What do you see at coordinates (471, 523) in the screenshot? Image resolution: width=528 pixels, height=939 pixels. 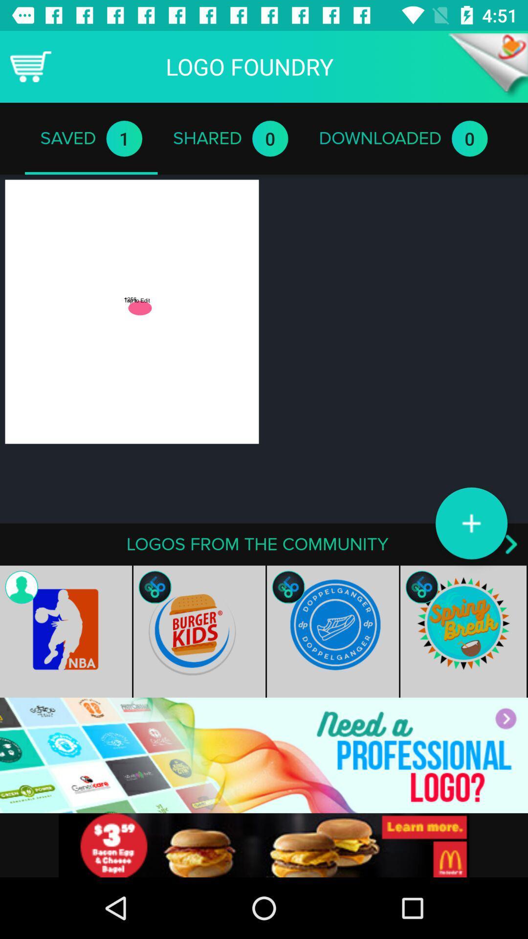 I see `logo` at bounding box center [471, 523].